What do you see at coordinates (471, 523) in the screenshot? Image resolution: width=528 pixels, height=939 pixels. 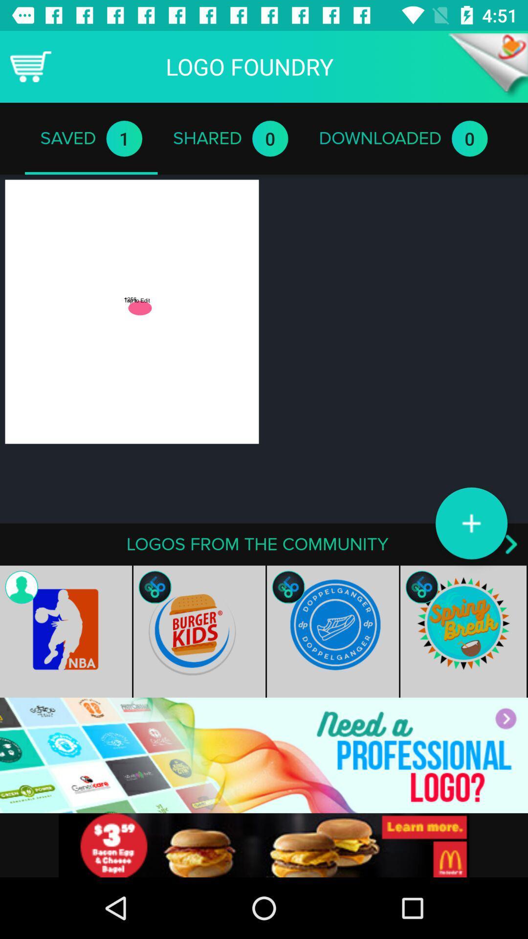 I see `logo` at bounding box center [471, 523].